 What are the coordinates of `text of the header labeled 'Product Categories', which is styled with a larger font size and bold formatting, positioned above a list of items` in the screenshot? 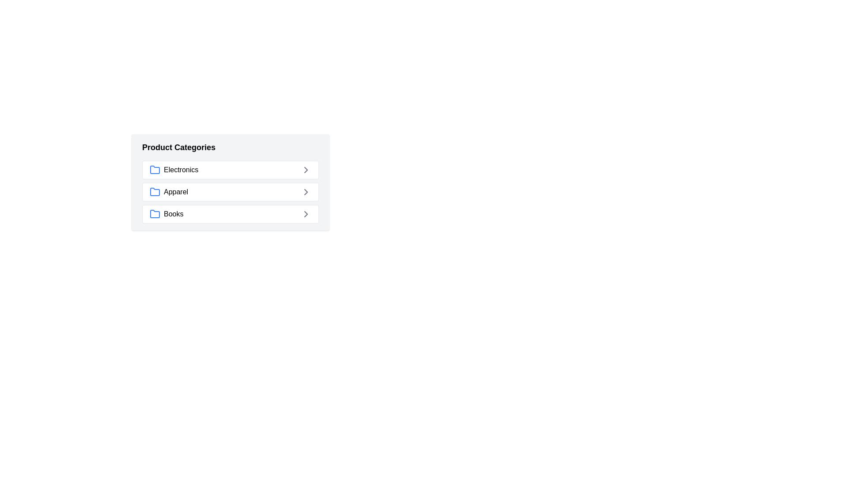 It's located at (178, 147).